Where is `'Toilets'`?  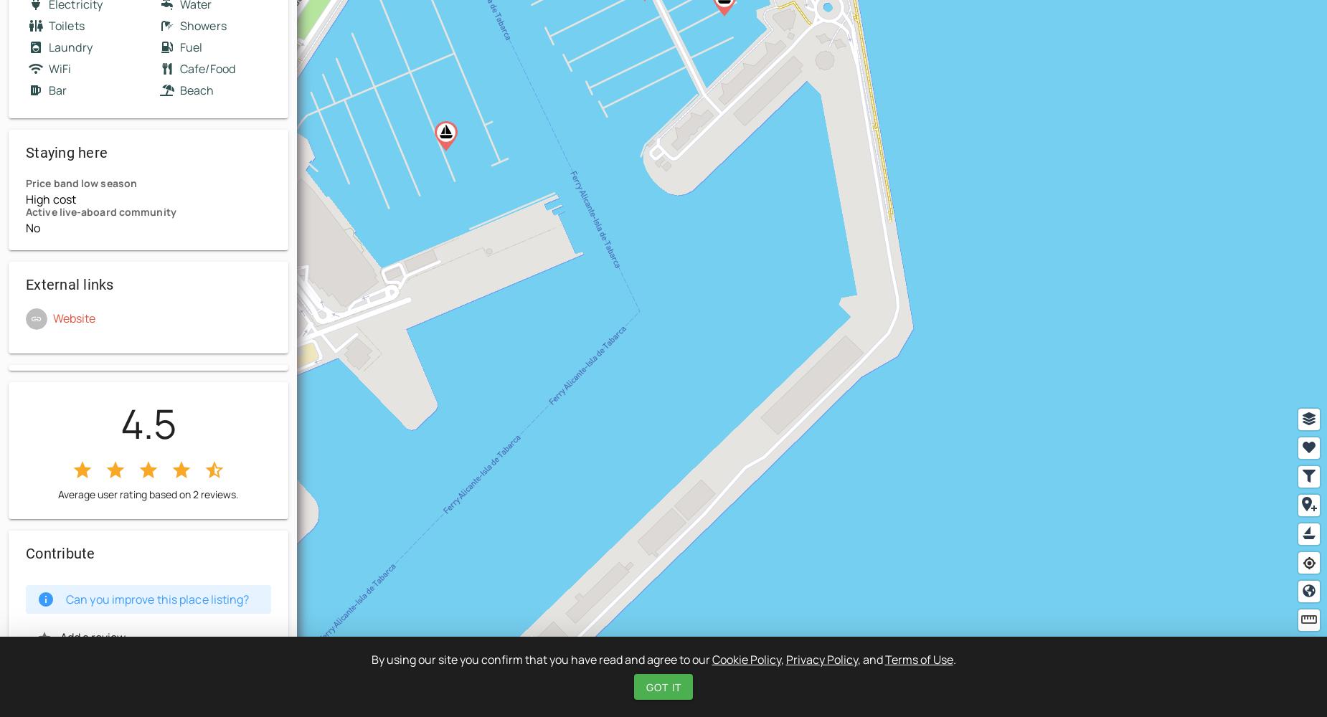 'Toilets' is located at coordinates (65, 26).